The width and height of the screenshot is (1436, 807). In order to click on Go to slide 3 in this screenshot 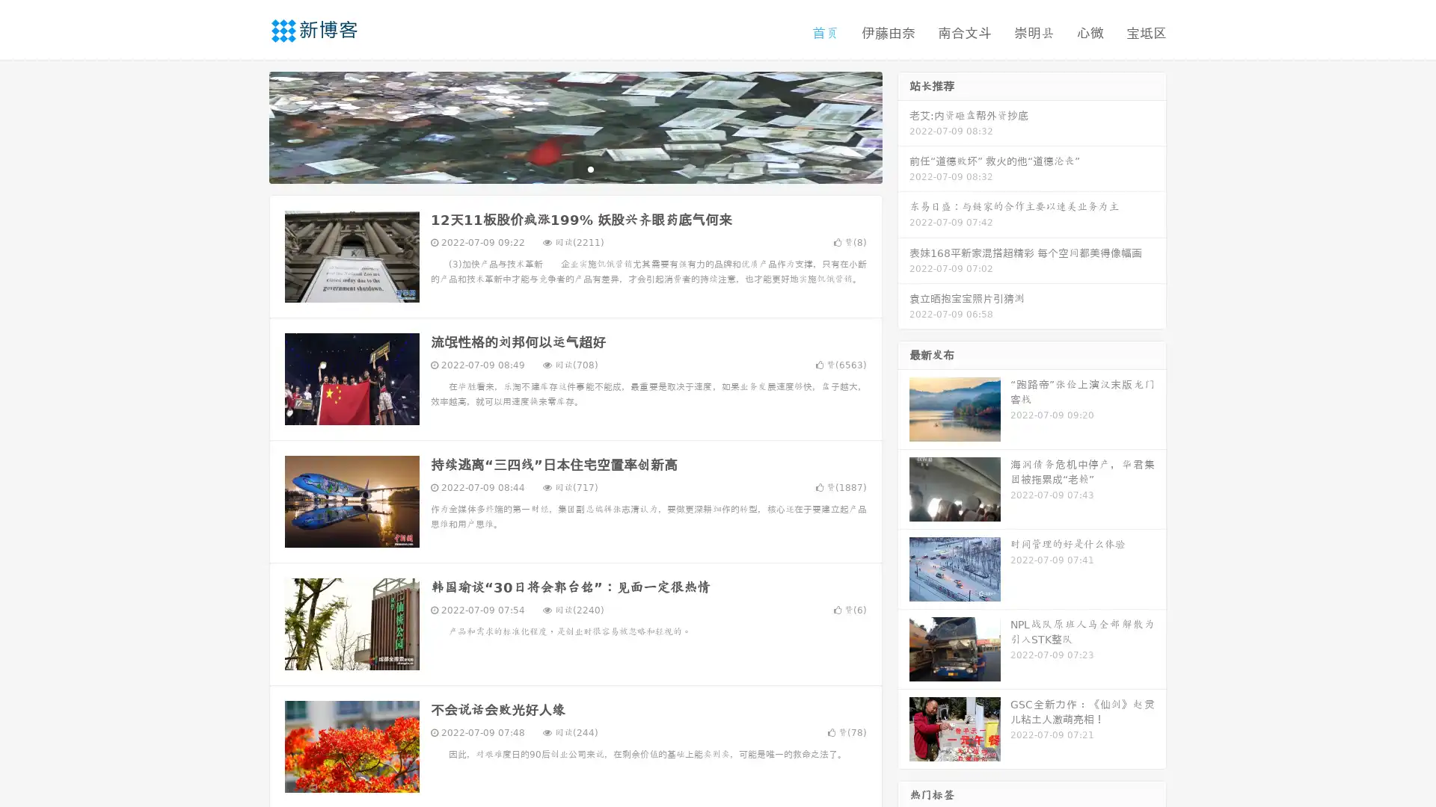, I will do `click(590, 168)`.